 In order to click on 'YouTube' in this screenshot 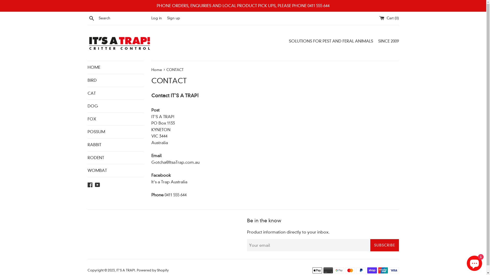, I will do `click(97, 184)`.